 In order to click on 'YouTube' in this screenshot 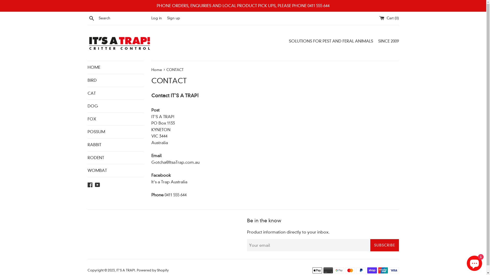, I will do `click(97, 184)`.